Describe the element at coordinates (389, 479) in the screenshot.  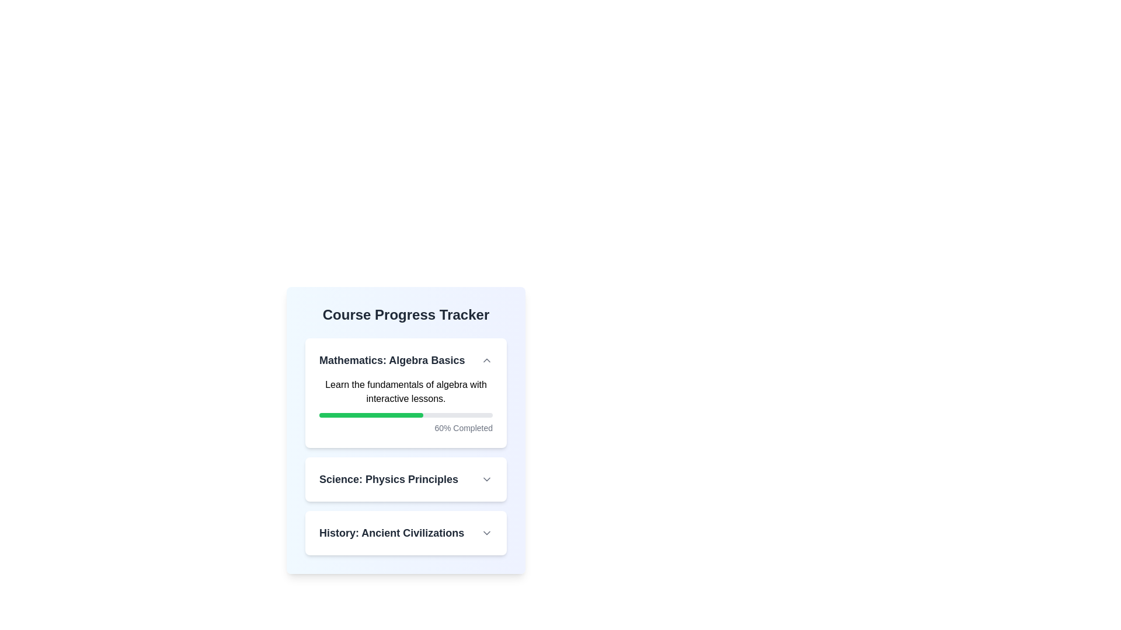
I see `text element displaying 'Science: Physics Principles' which is styled in bold and dark gray, located directly under the 'Mathematics: Algebra Basics' section in the 'Course Progress Tracker'` at that location.